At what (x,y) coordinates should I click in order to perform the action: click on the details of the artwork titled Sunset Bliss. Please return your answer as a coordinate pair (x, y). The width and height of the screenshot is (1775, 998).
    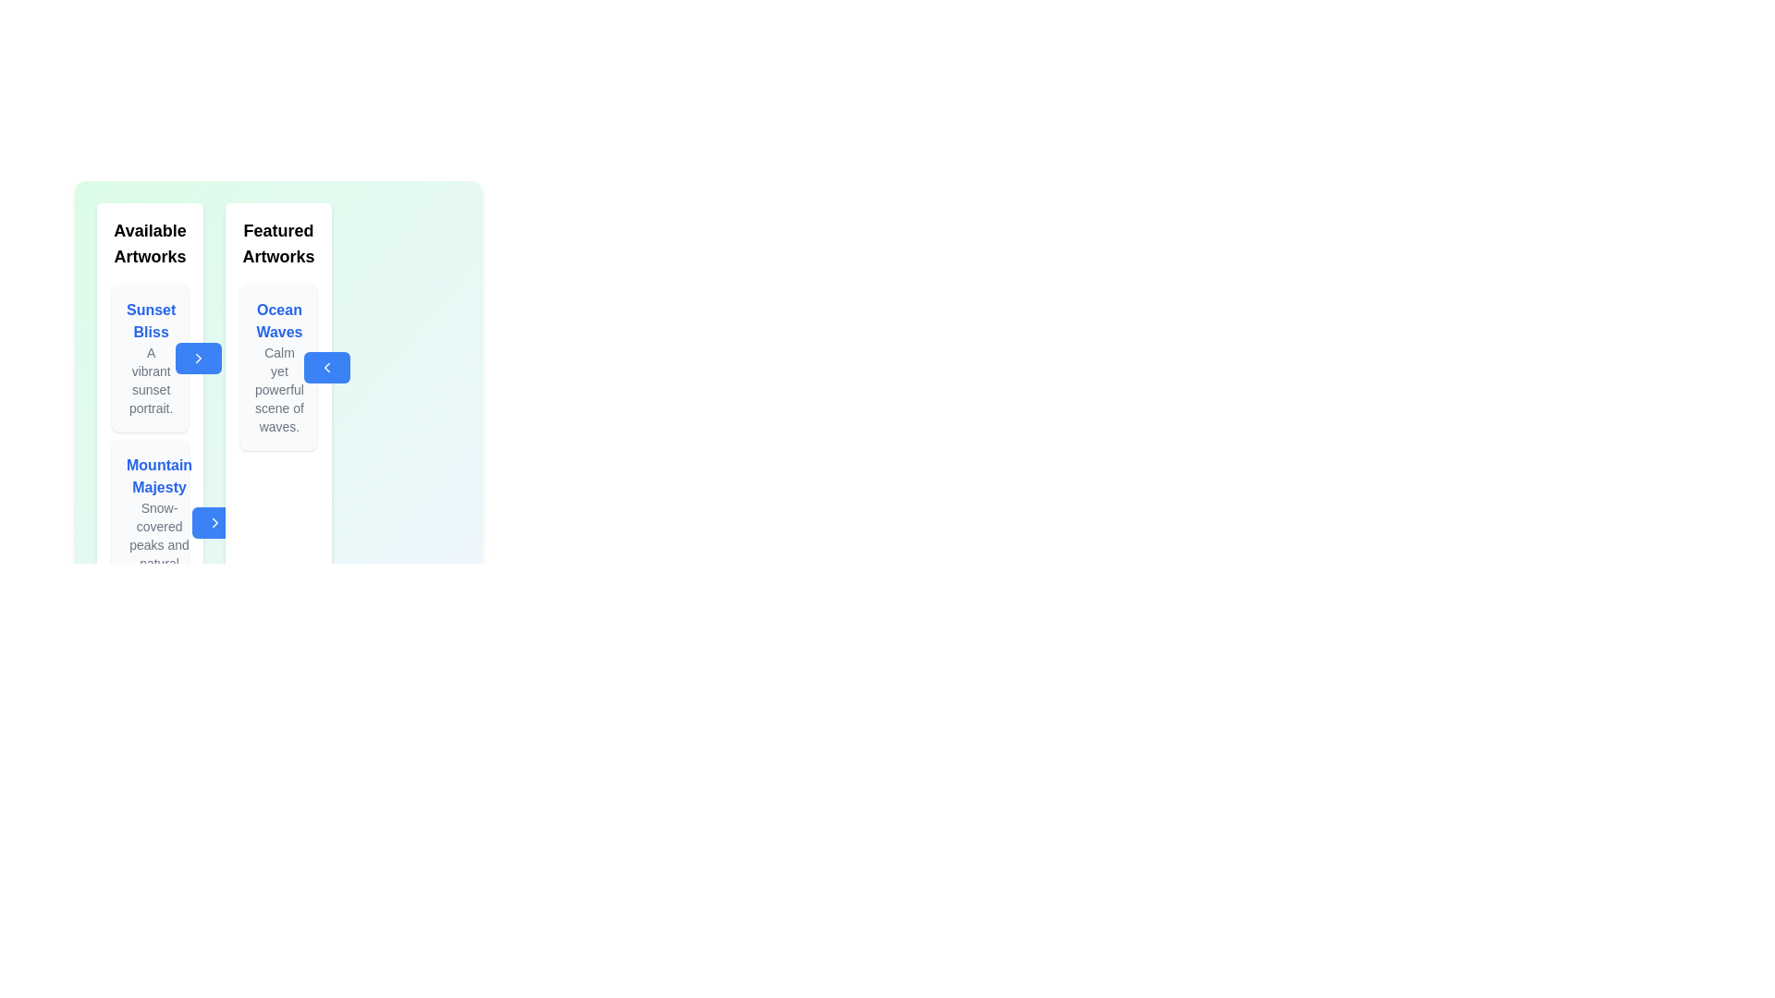
    Looking at the image, I should click on (151, 359).